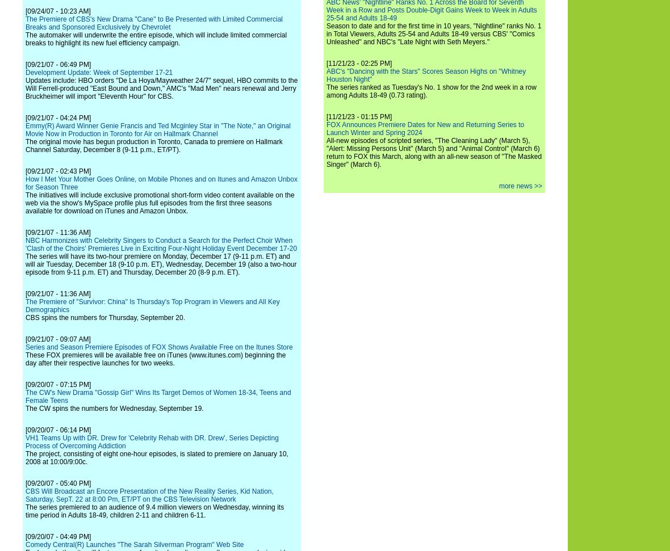  What do you see at coordinates (156, 39) in the screenshot?
I see `'The automaker will underwrite the entire episode, which will include limited commercial breaks to highlight its new fuel efficiency campaign.'` at bounding box center [156, 39].